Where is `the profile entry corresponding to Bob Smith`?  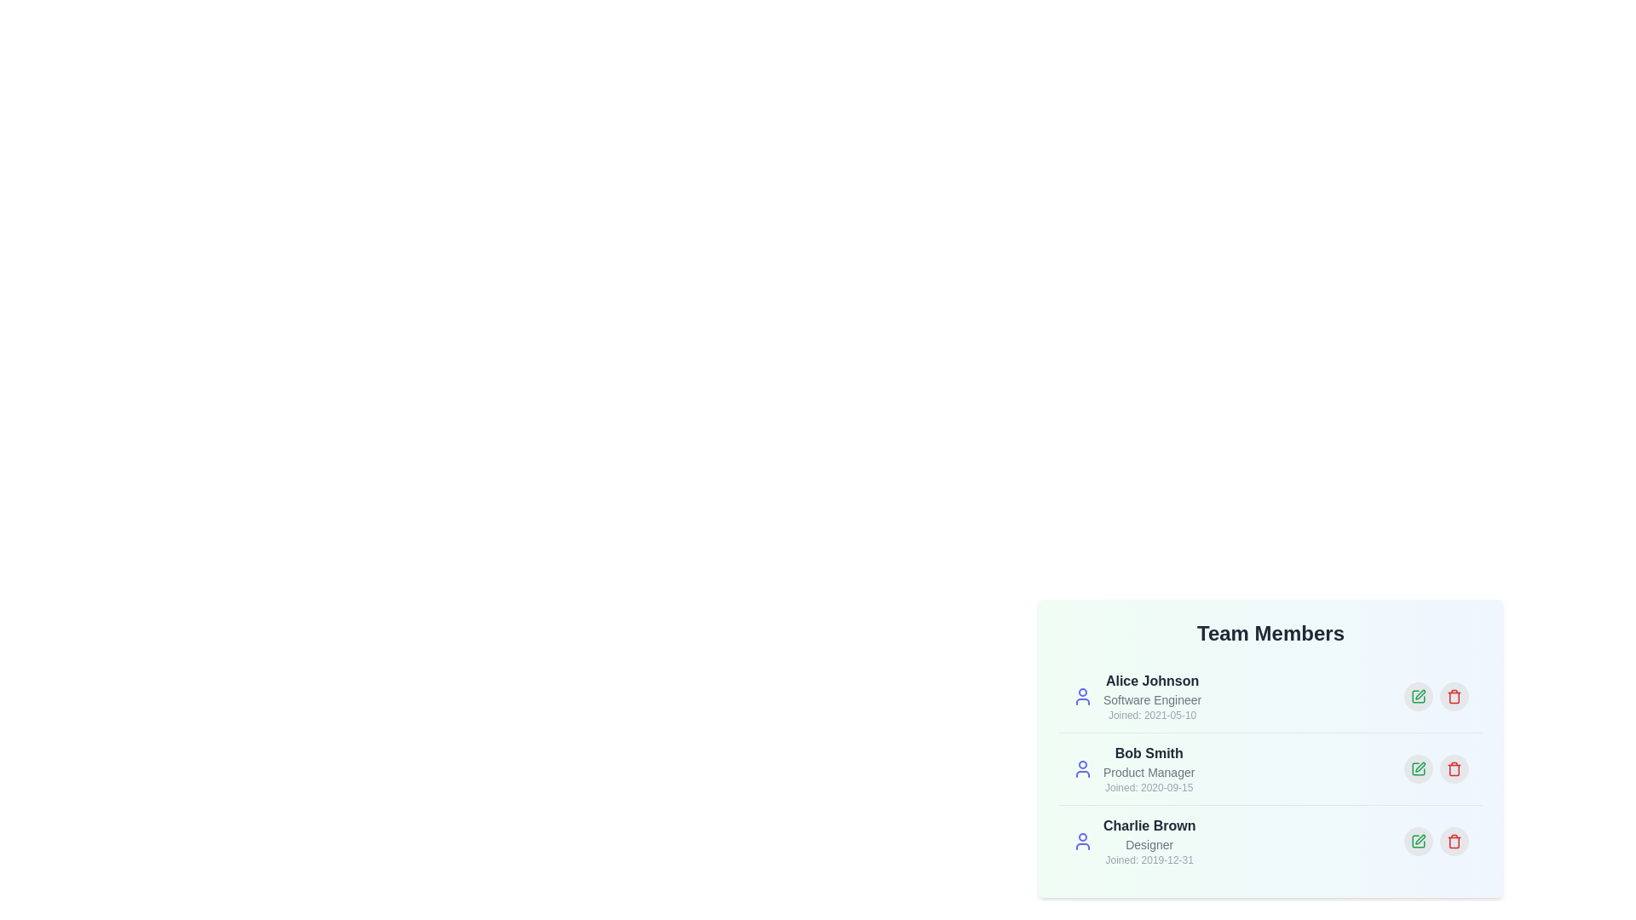
the profile entry corresponding to Bob Smith is located at coordinates (1270, 768).